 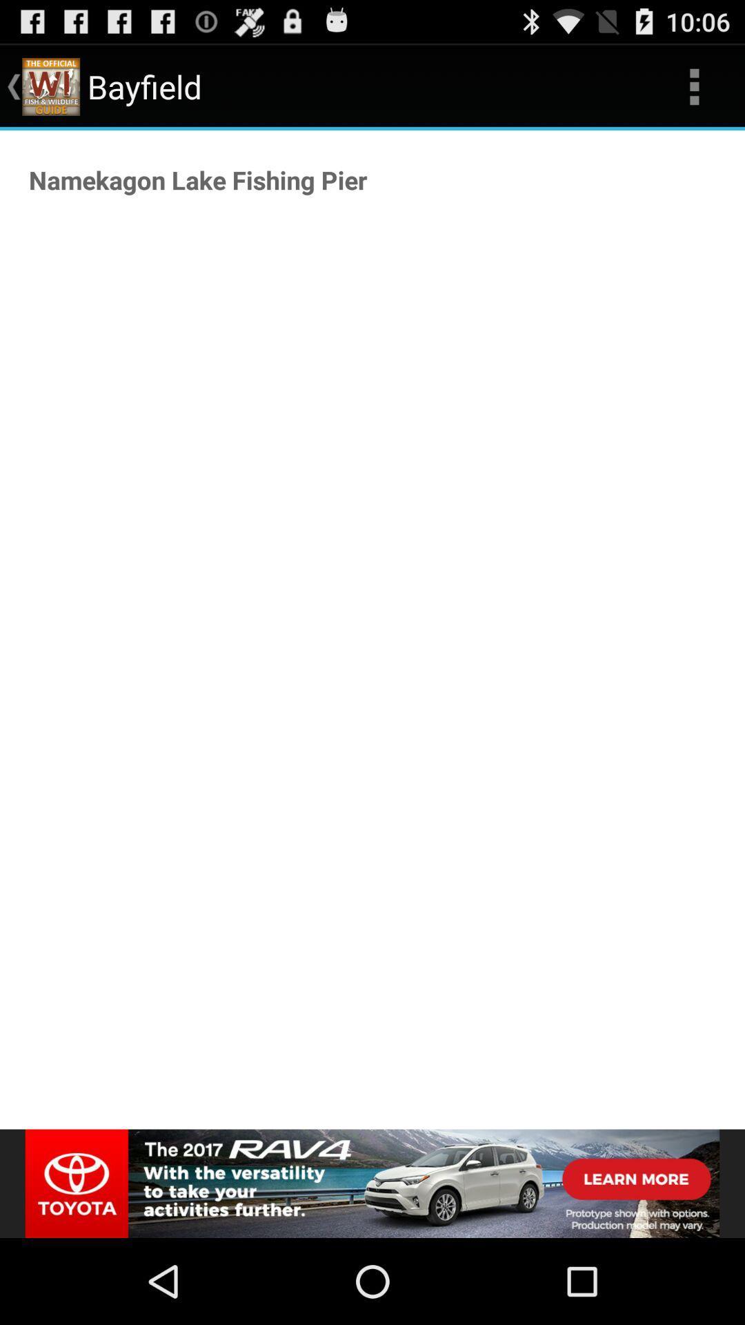 I want to click on icon at the bottom, so click(x=372, y=1183).